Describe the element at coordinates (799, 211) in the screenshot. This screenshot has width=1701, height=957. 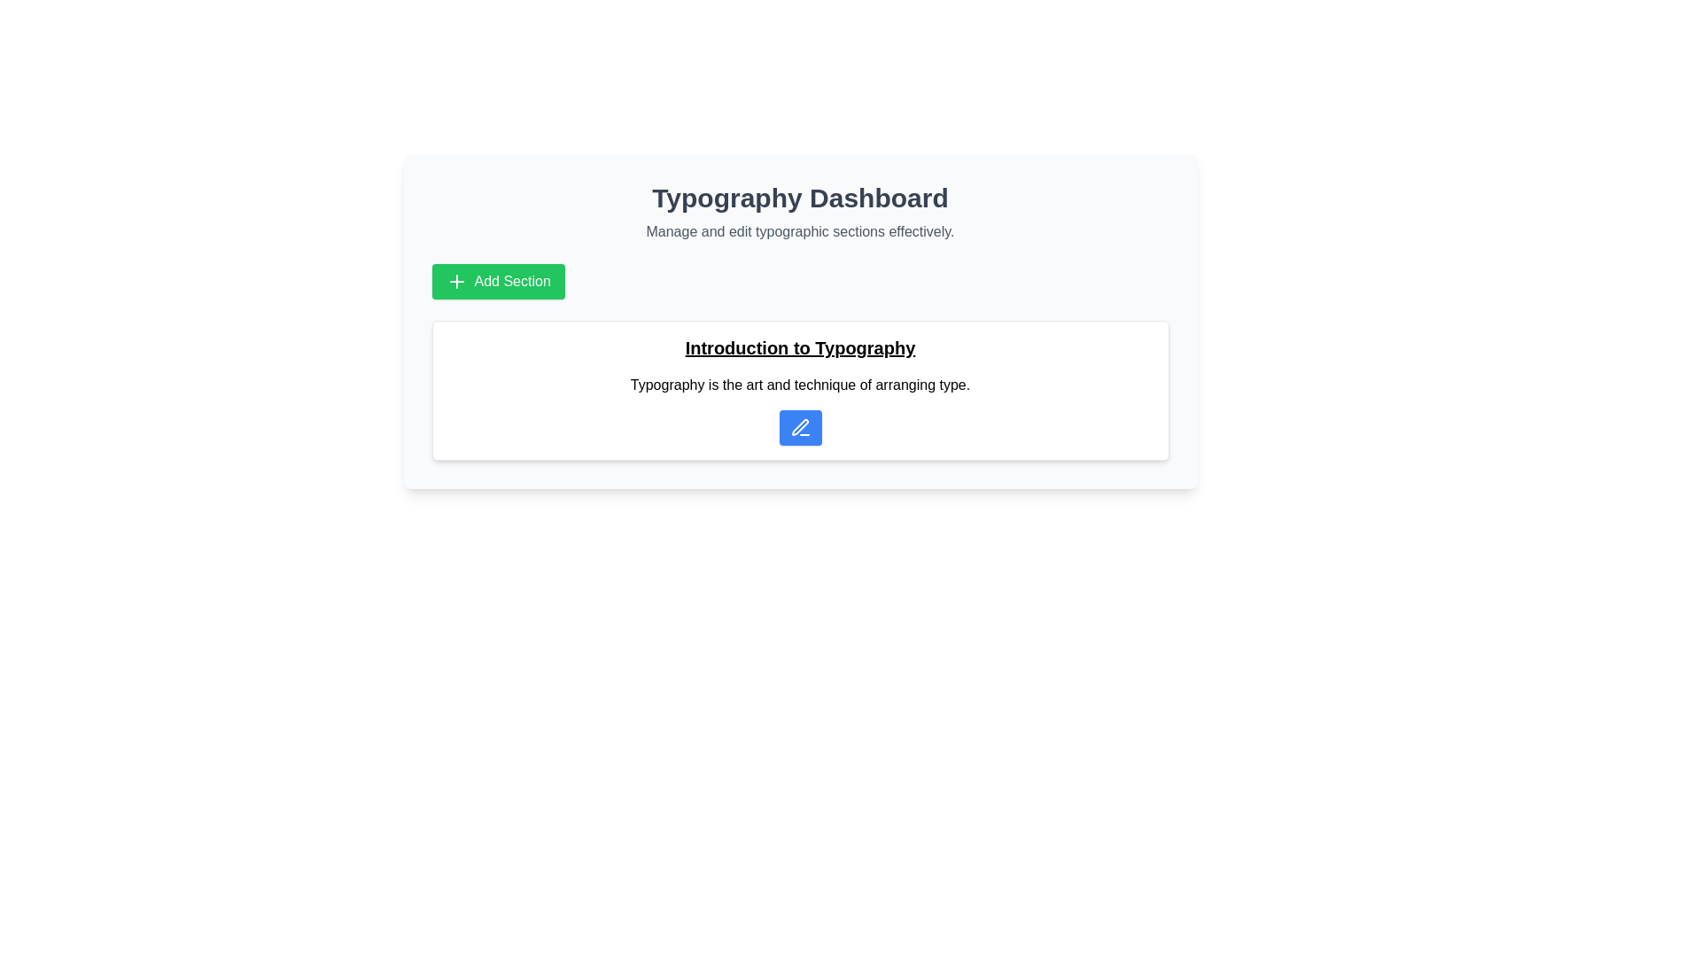
I see `the descriptive text element titled 'Typography Dashboard' with the subheading 'Manage and edit typographic sections effectively'` at that location.